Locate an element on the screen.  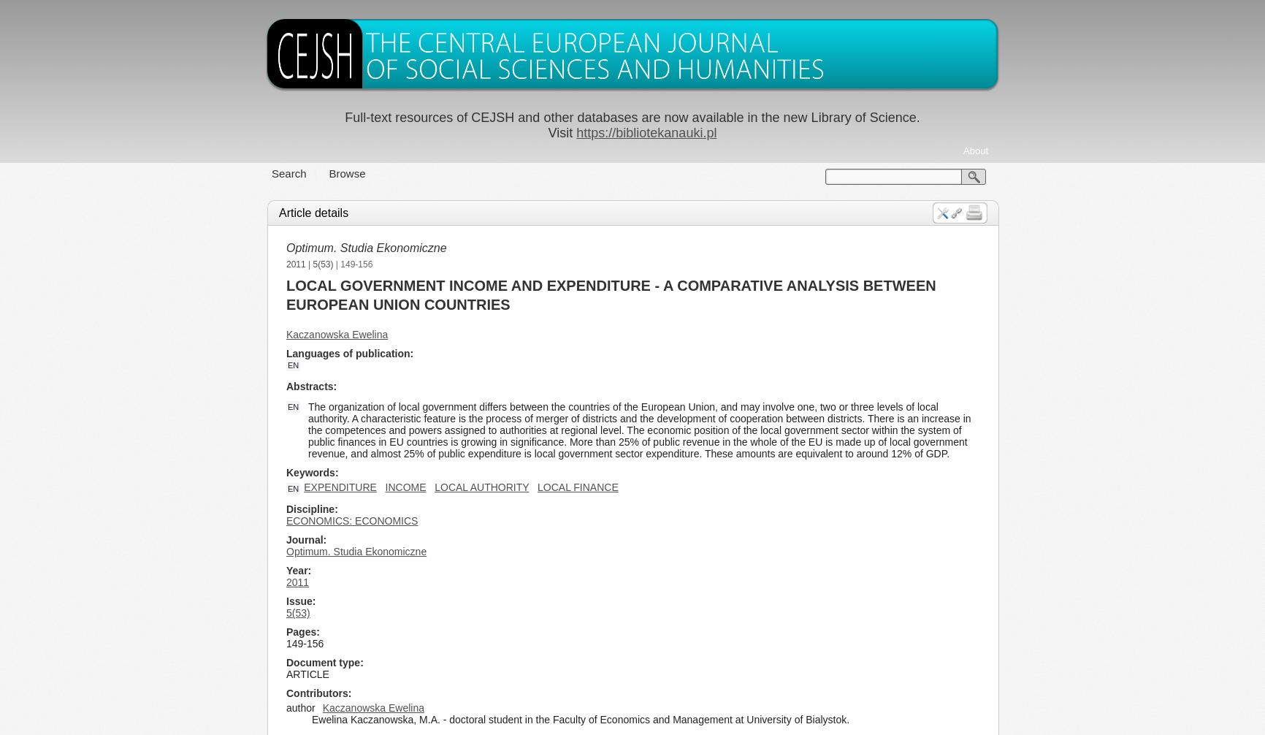
'Journal' is located at coordinates (304, 540).